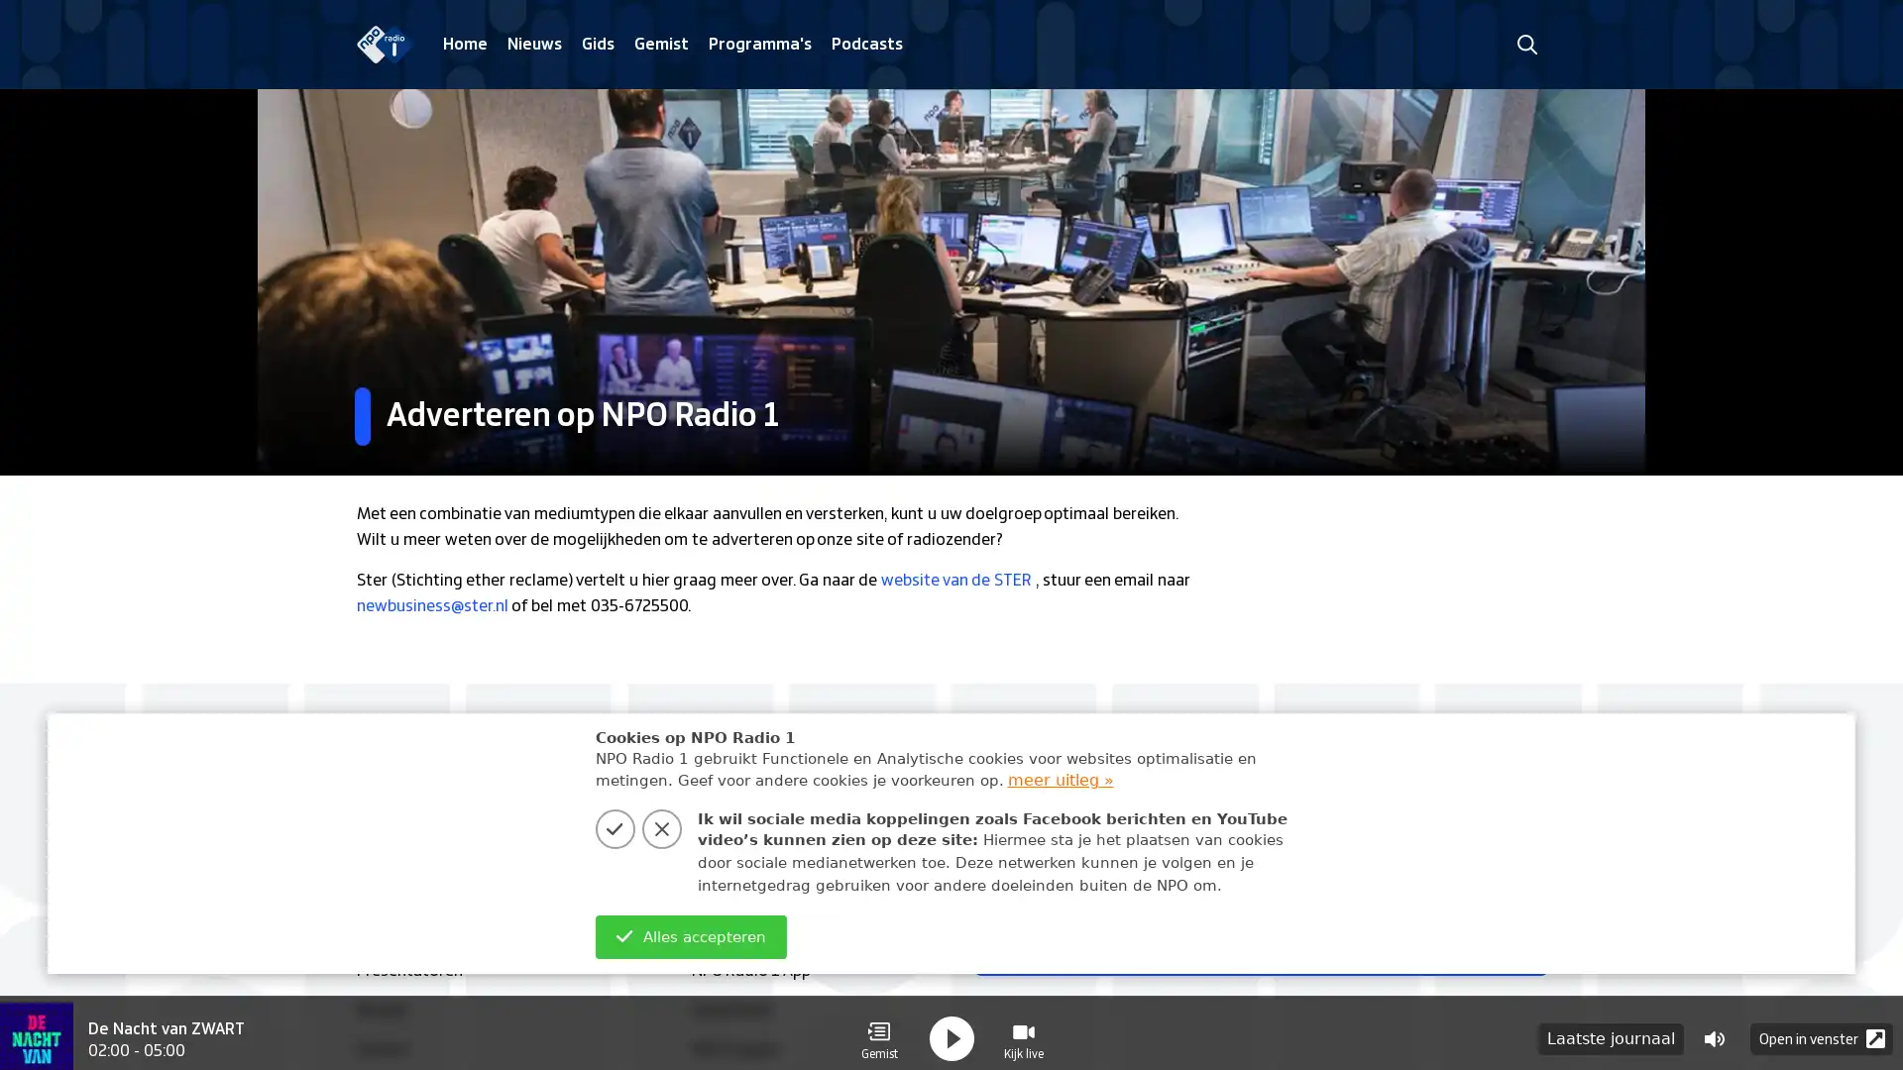 This screenshot has height=1070, width=1903. What do you see at coordinates (951, 1026) in the screenshot?
I see `play` at bounding box center [951, 1026].